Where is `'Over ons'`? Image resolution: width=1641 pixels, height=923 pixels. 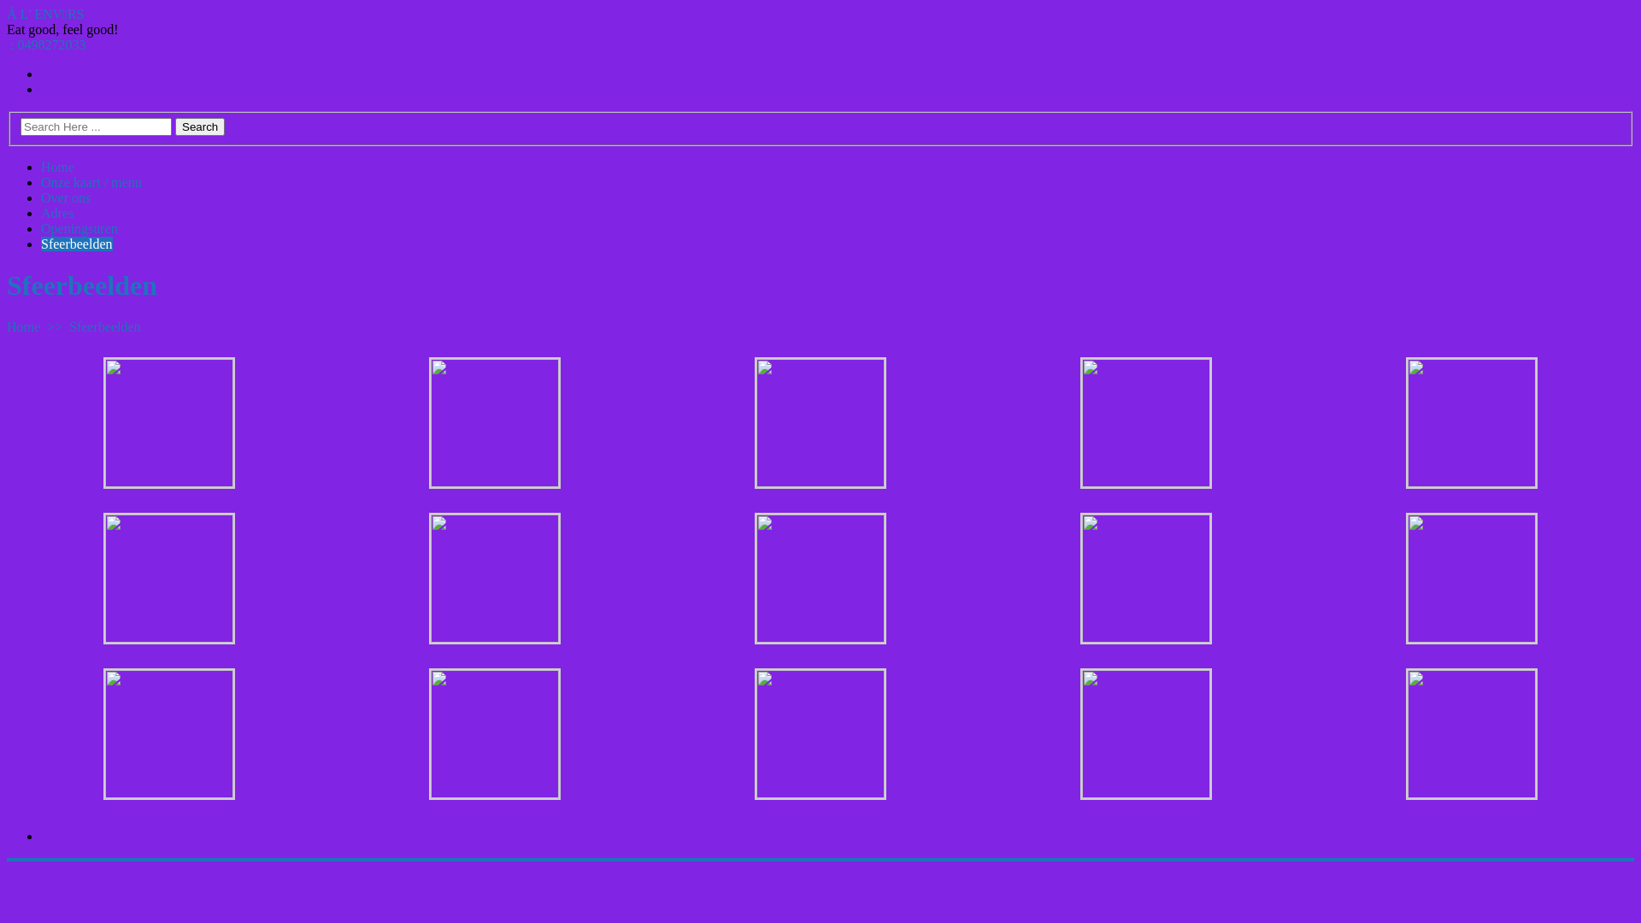
'Over ons' is located at coordinates (65, 197).